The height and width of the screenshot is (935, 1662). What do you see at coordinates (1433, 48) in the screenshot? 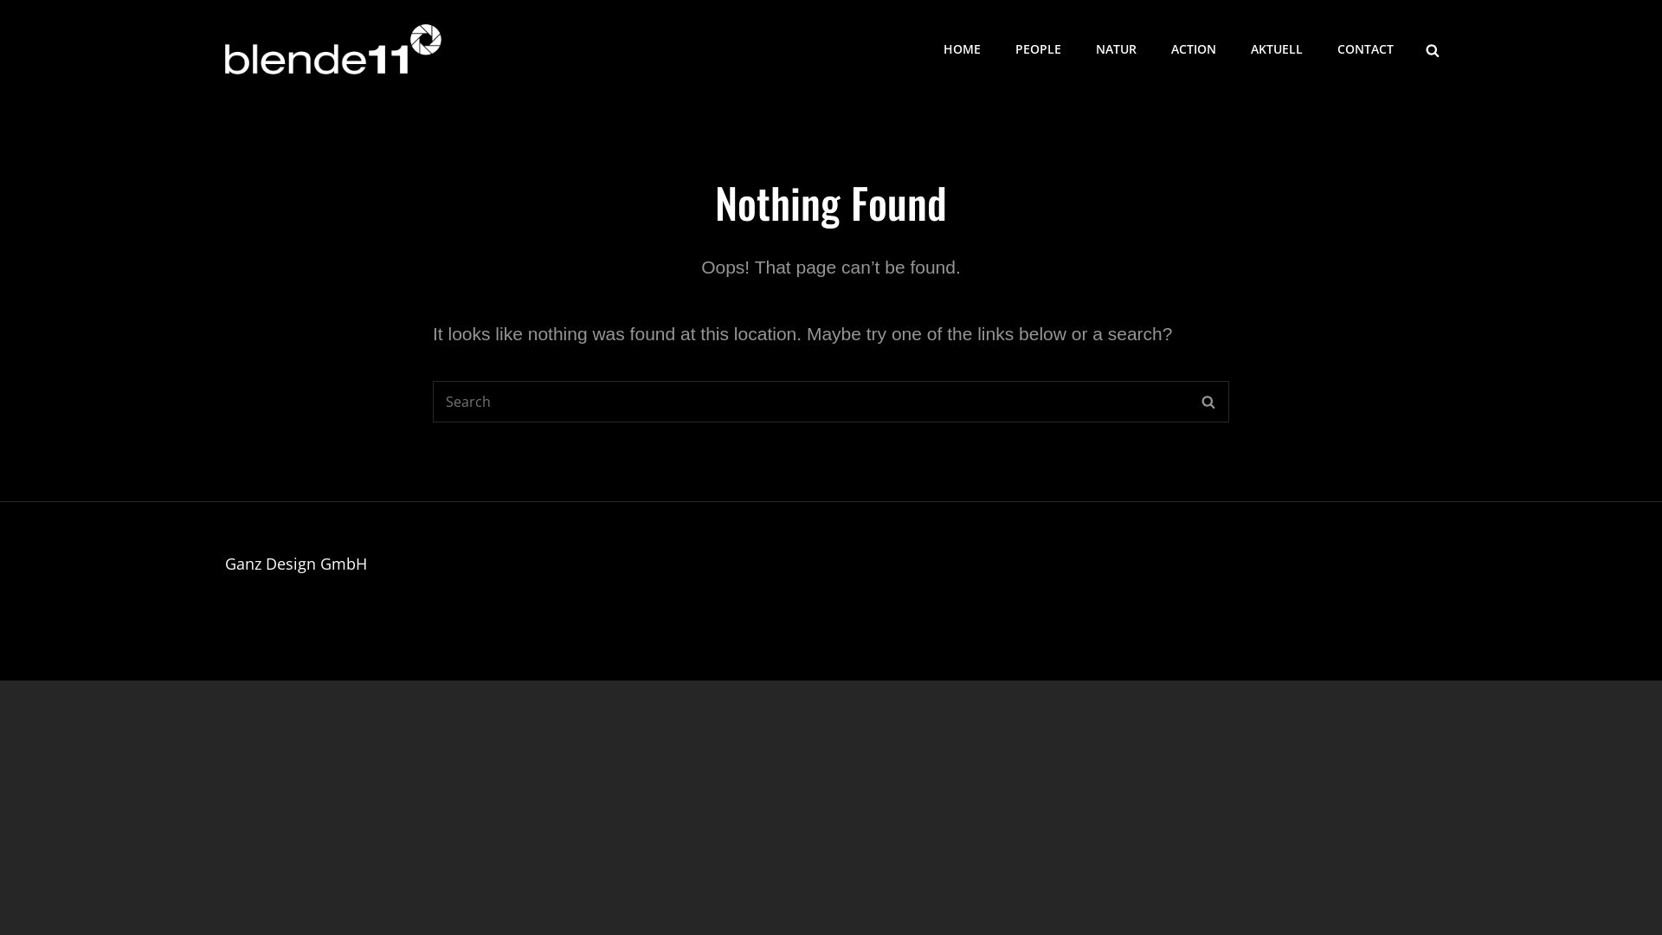
I see `'SEARCH'` at bounding box center [1433, 48].